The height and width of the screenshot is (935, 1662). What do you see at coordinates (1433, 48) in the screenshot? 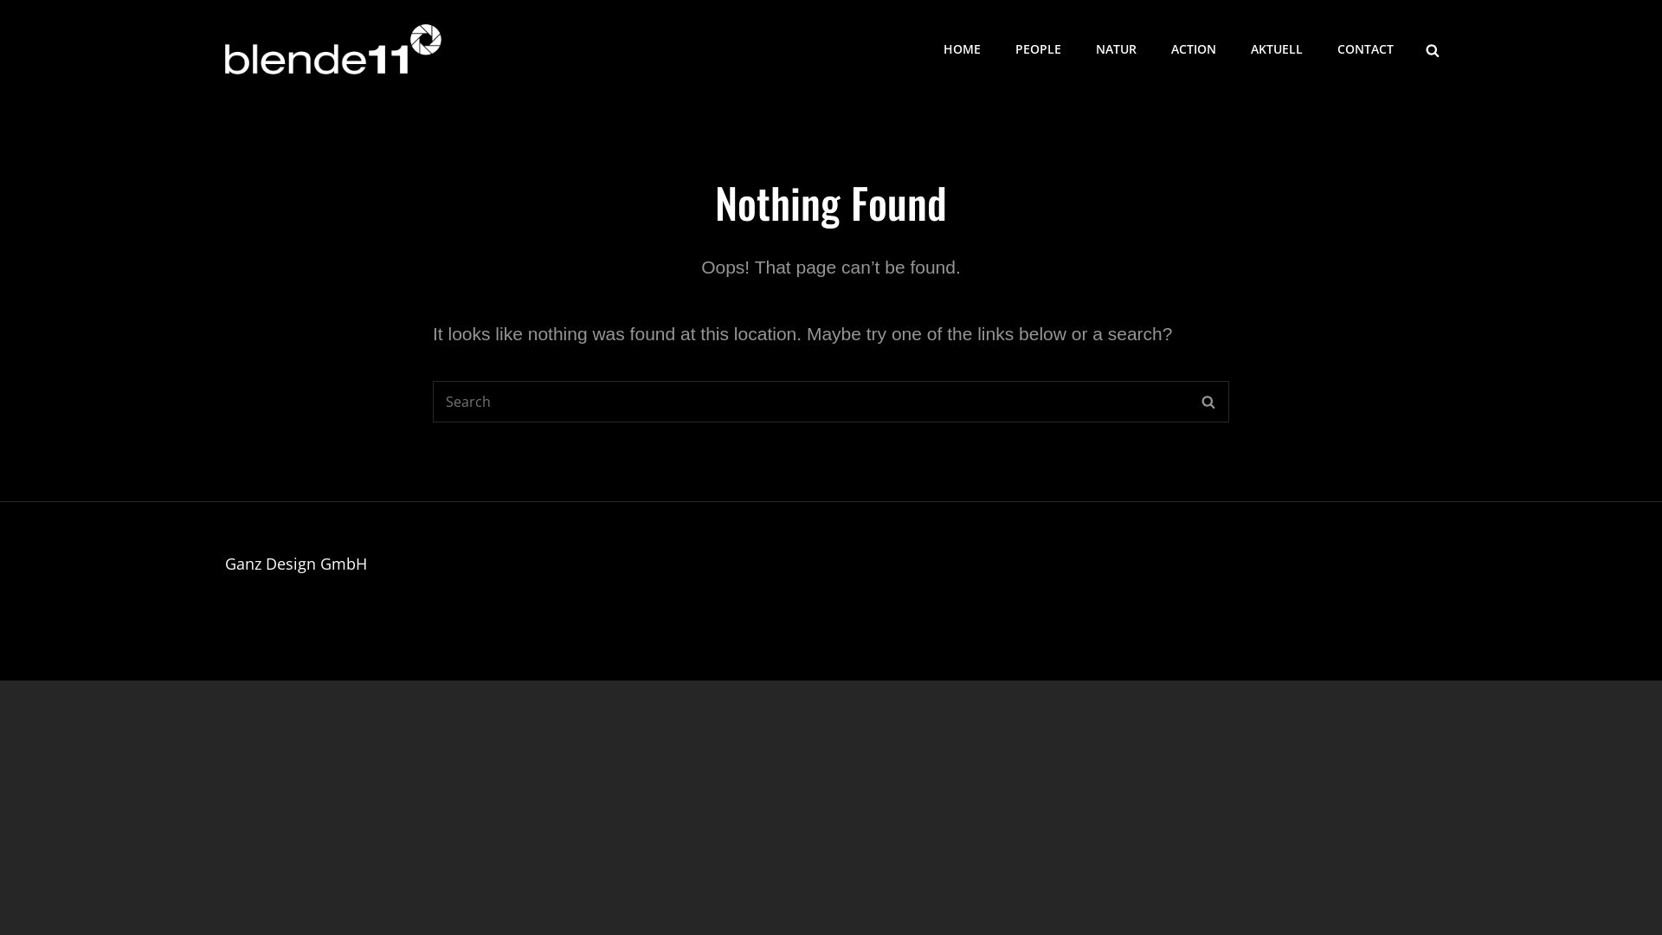
I see `'SEARCH'` at bounding box center [1433, 48].